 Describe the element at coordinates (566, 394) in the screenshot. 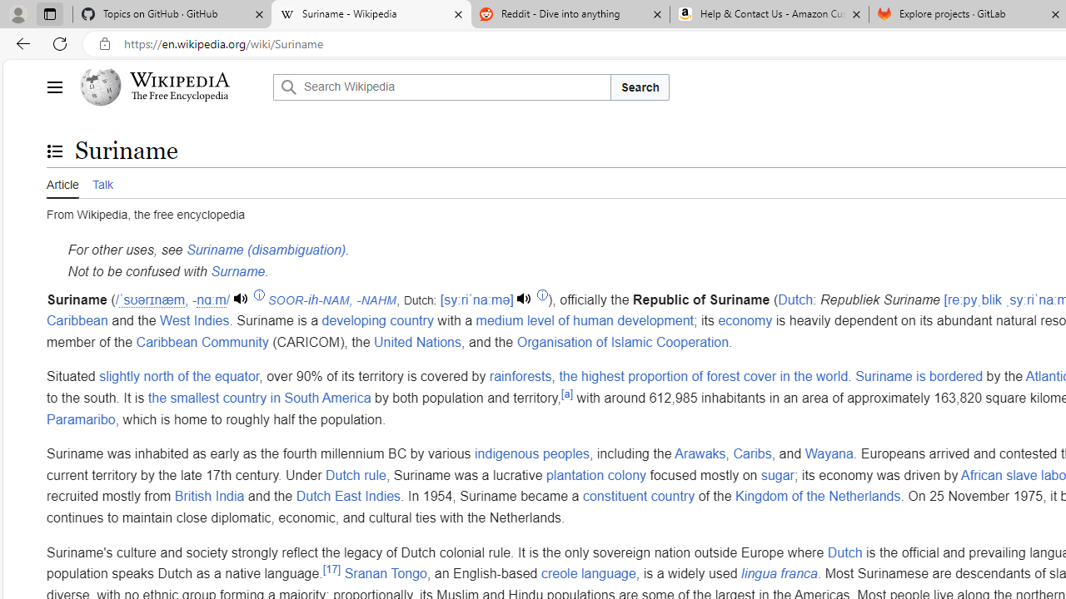

I see `'[a]'` at that location.